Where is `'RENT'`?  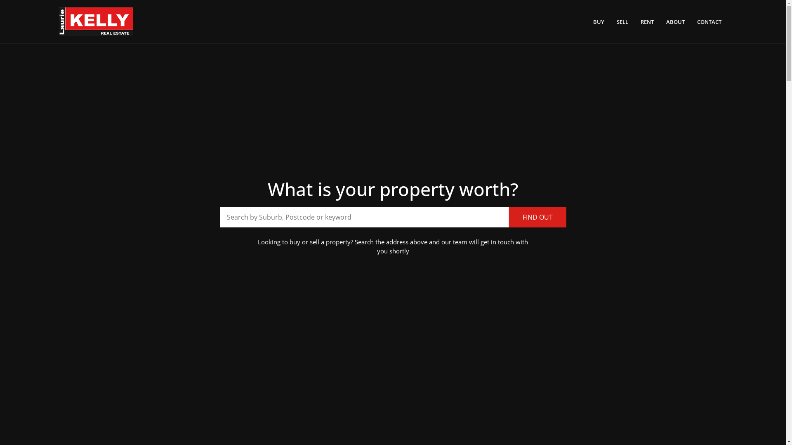
'RENT' is located at coordinates (647, 21).